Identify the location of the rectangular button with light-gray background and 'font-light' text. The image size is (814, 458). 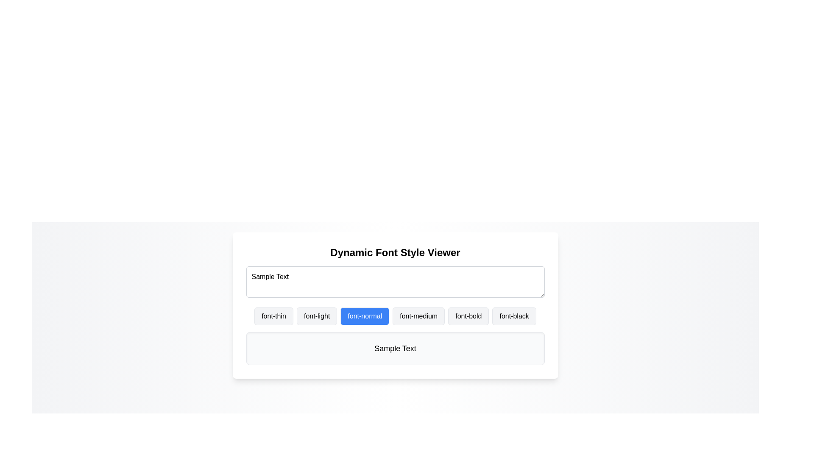
(316, 316).